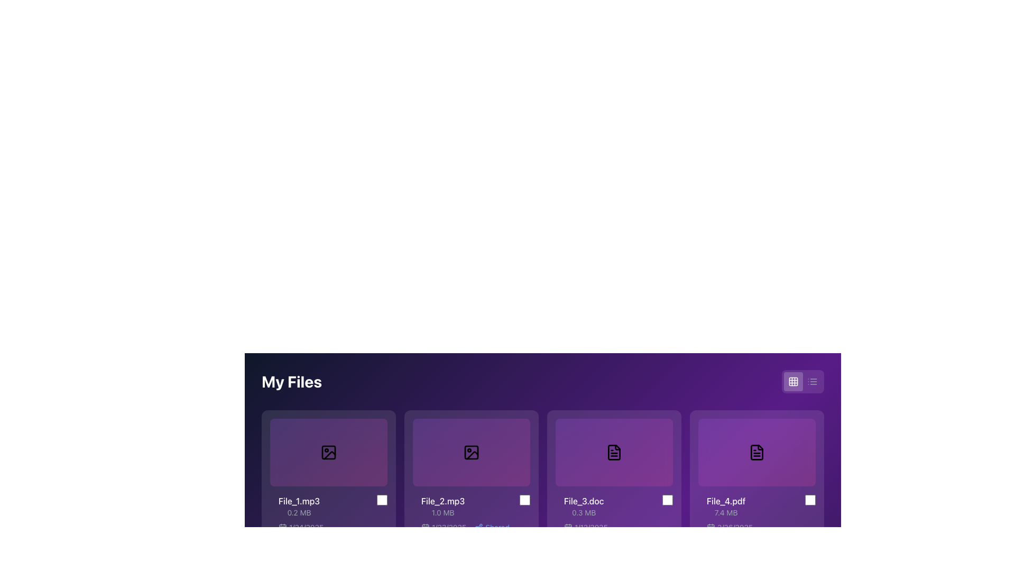 The width and height of the screenshot is (1015, 571). I want to click on the SVG icon with a dark outline against a purple background located in the first tile under the 'My Files' section, so click(328, 452).